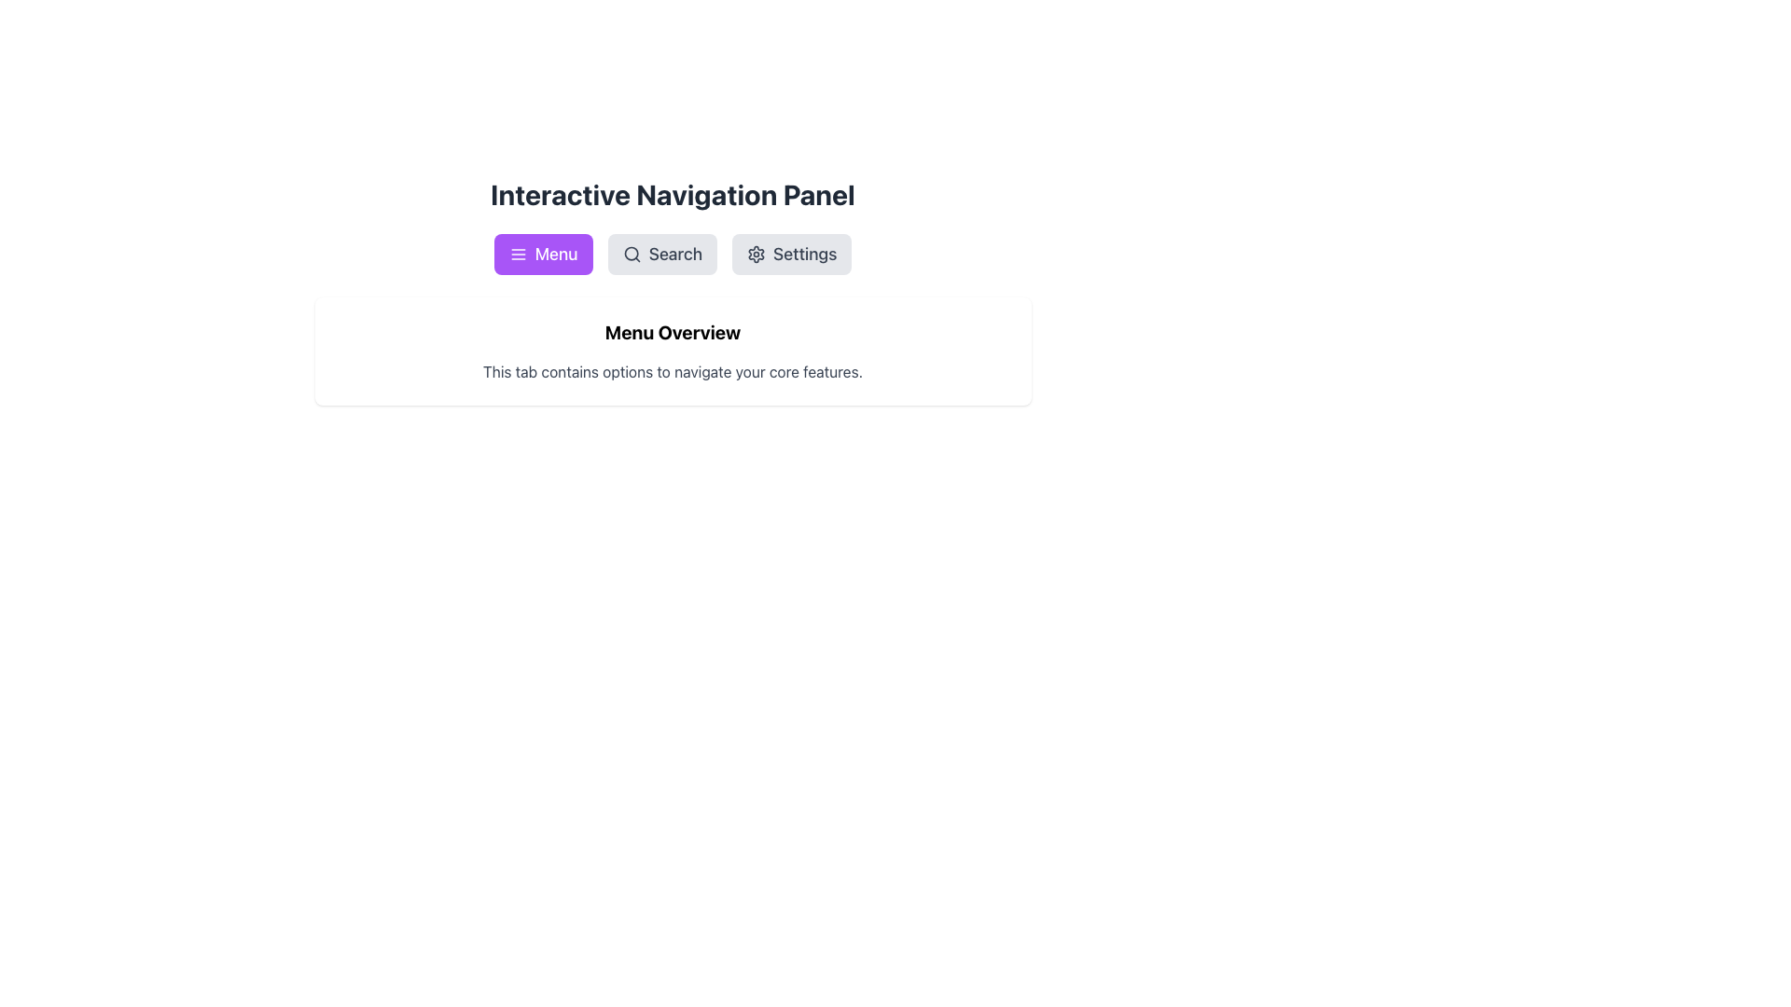 Image resolution: width=1791 pixels, height=1007 pixels. Describe the element at coordinates (672, 352) in the screenshot. I see `the informational section titled 'Menu Overview', which contains a description about navigation options` at that location.